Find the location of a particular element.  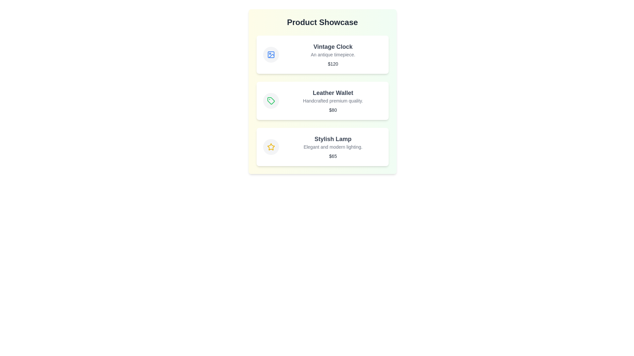

the product image icon for observation is located at coordinates (271, 54).